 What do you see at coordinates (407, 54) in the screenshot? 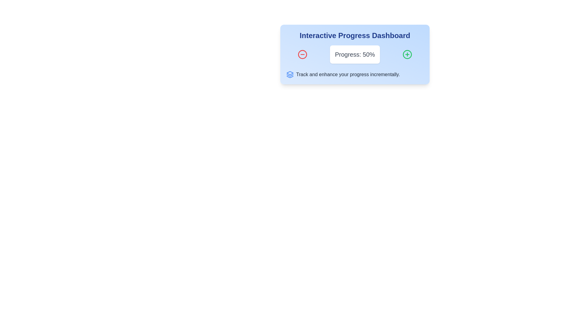
I see `the circular button with an embedded plus sign located in the top-right corner of the Interactive Progress Dashboard panel adjacent` at bounding box center [407, 54].